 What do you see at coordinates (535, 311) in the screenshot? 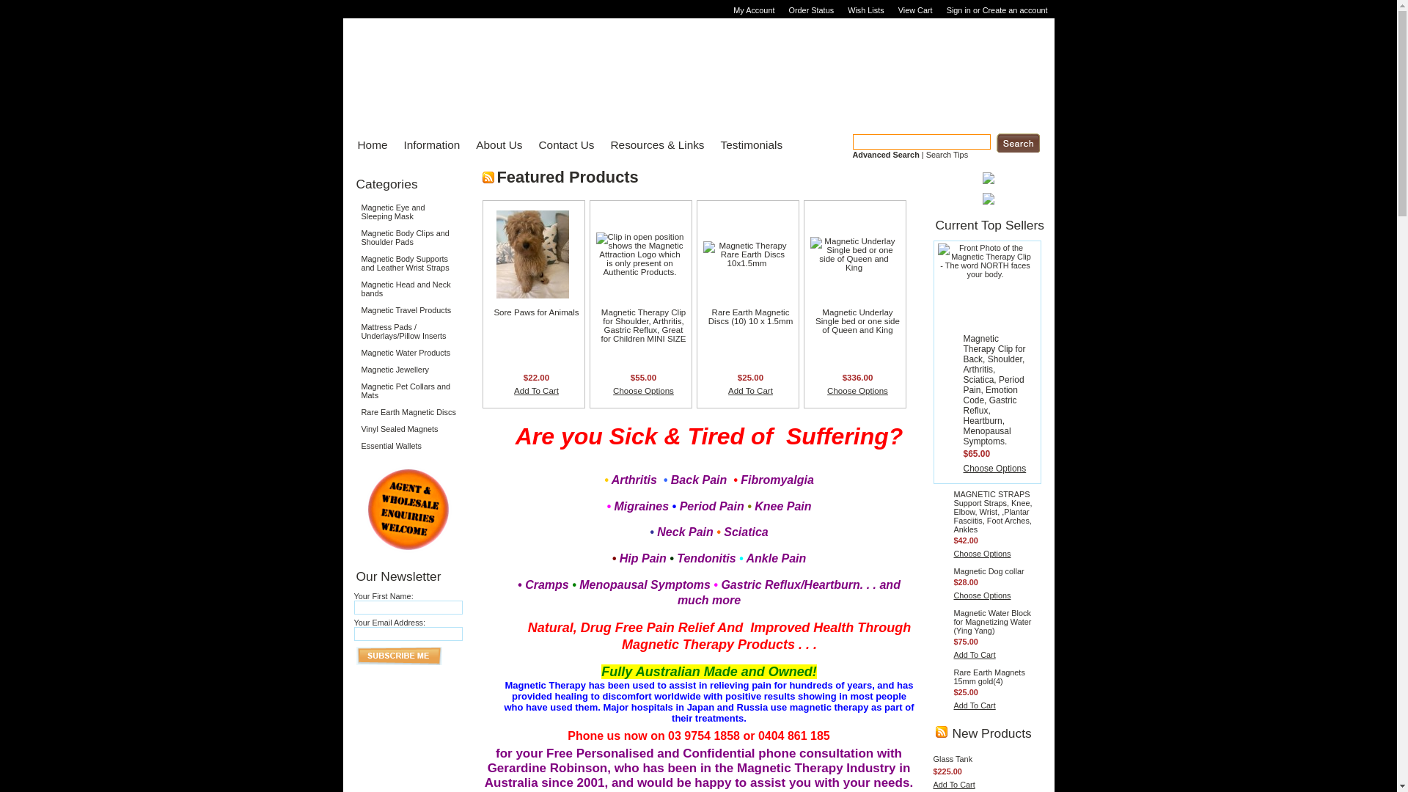
I see `'Sore Paws for Animals'` at bounding box center [535, 311].